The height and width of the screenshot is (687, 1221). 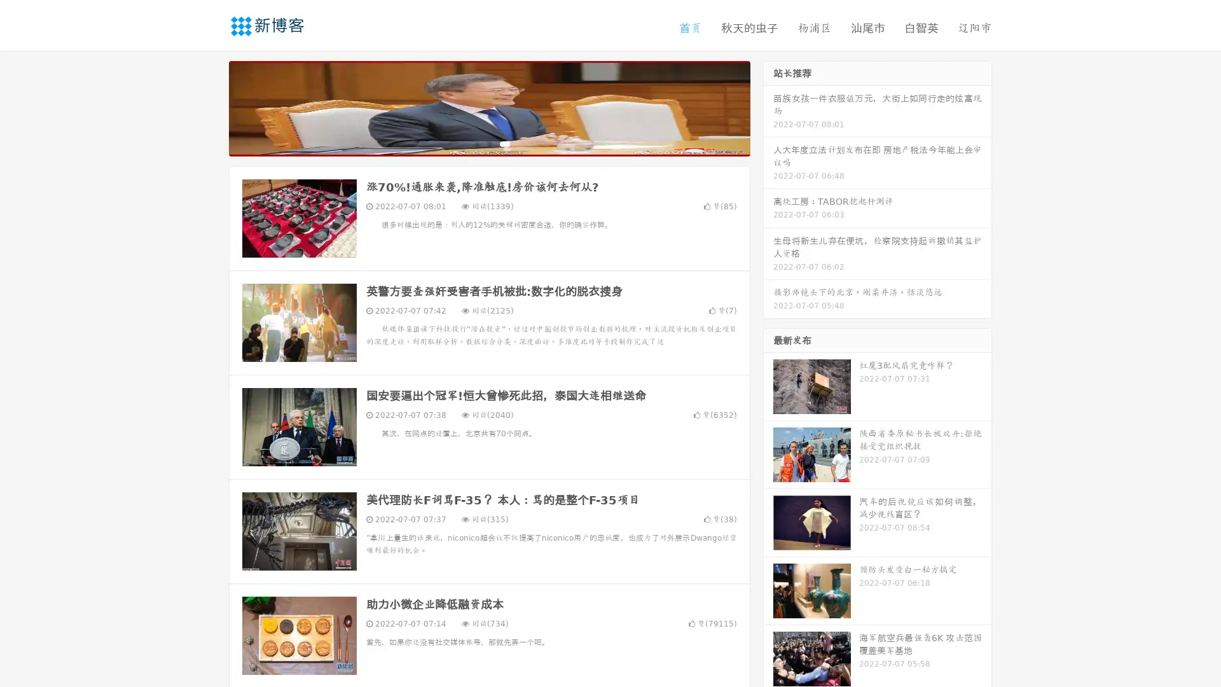 What do you see at coordinates (476, 143) in the screenshot?
I see `Go to slide 1` at bounding box center [476, 143].